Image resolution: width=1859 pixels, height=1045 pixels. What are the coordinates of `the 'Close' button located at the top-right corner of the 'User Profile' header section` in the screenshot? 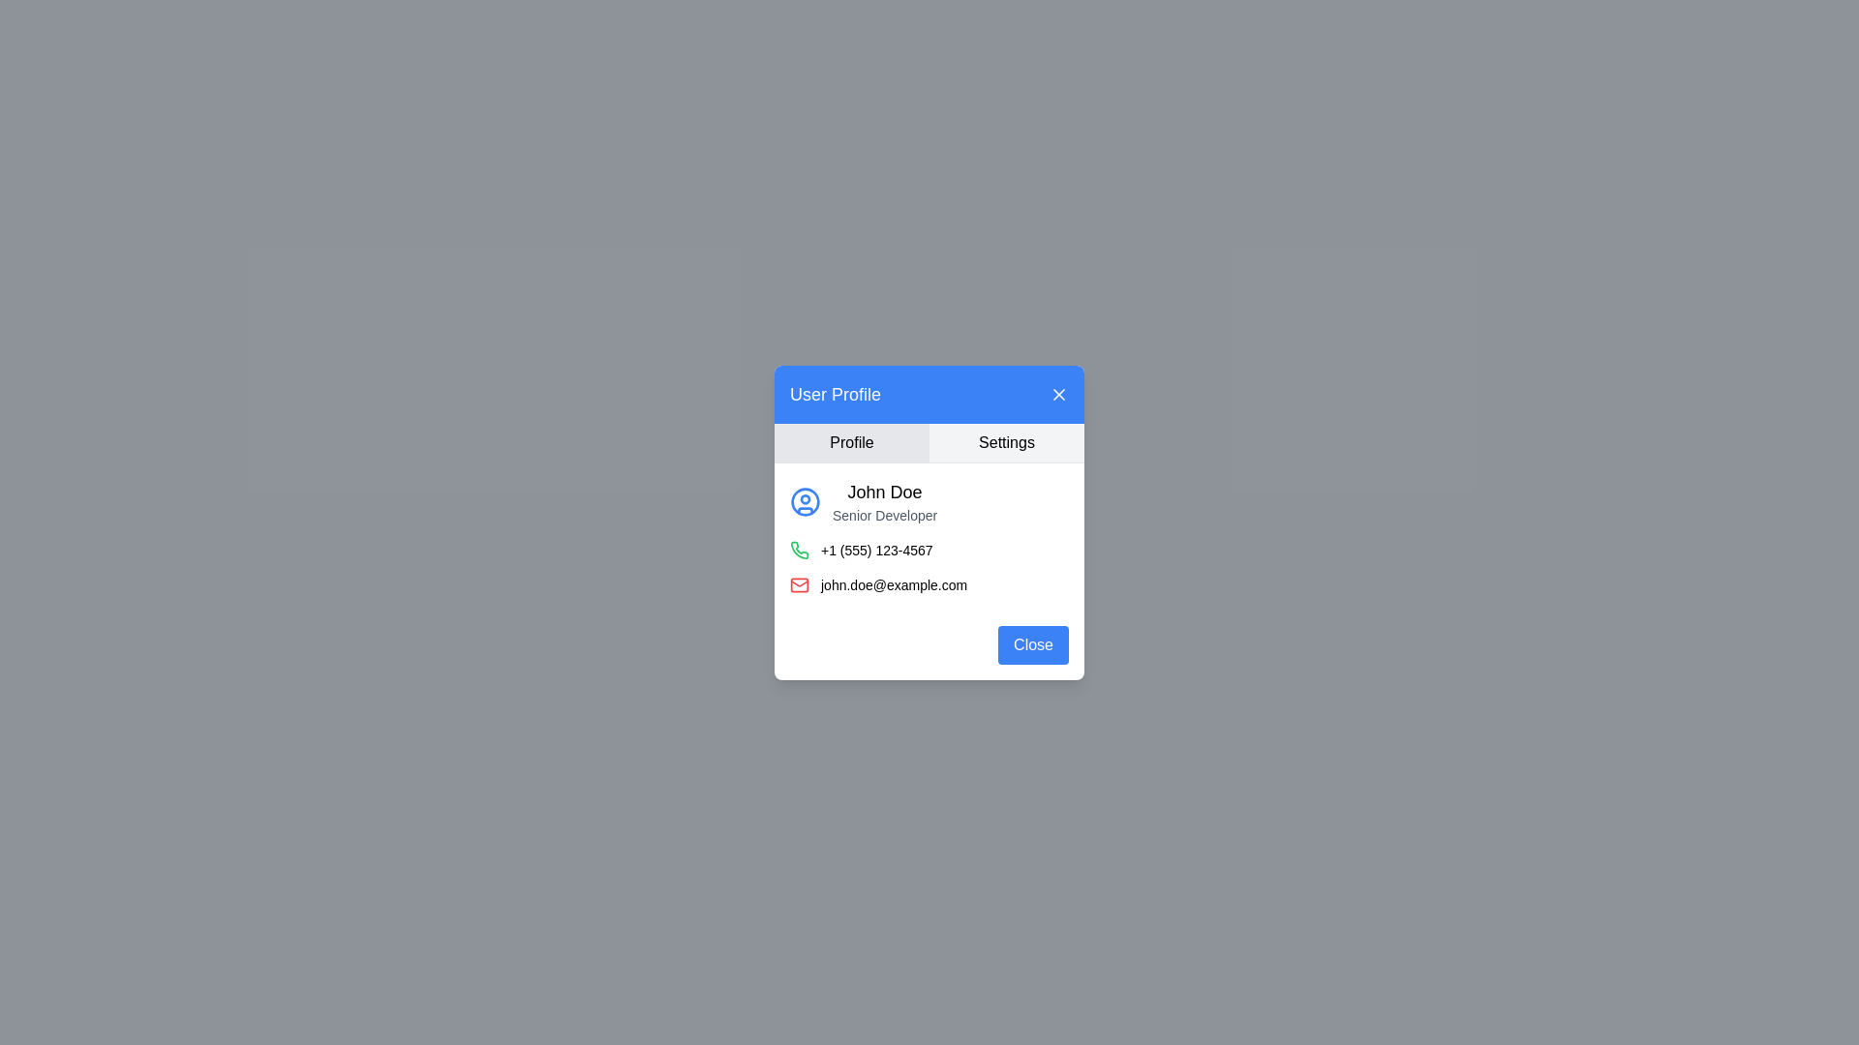 It's located at (1058, 393).